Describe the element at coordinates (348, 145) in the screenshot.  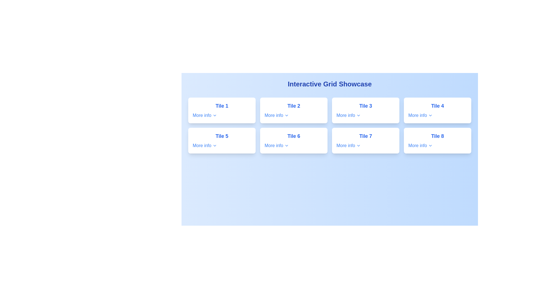
I see `the interactive text link with an icon located at the bottom of 'Tile 7'` at that location.